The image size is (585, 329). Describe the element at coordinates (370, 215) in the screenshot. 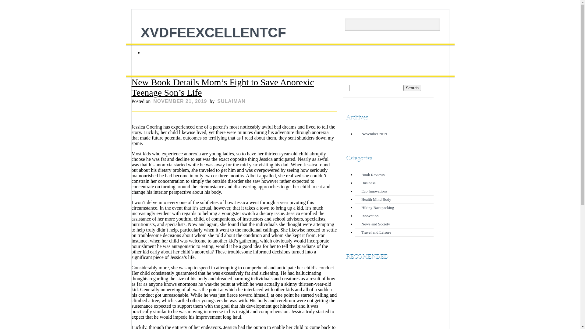

I see `'Innovation'` at that location.